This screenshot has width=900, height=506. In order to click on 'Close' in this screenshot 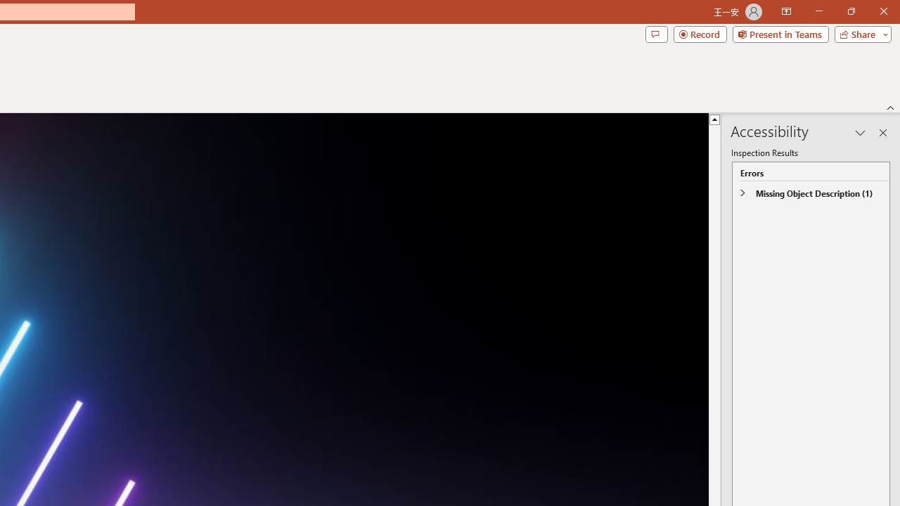, I will do `click(882, 11)`.